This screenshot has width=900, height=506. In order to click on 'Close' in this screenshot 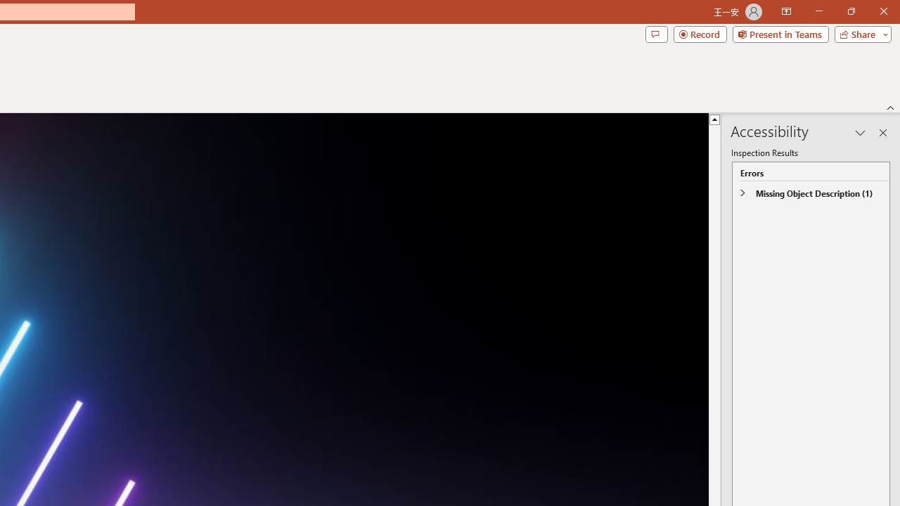, I will do `click(882, 11)`.